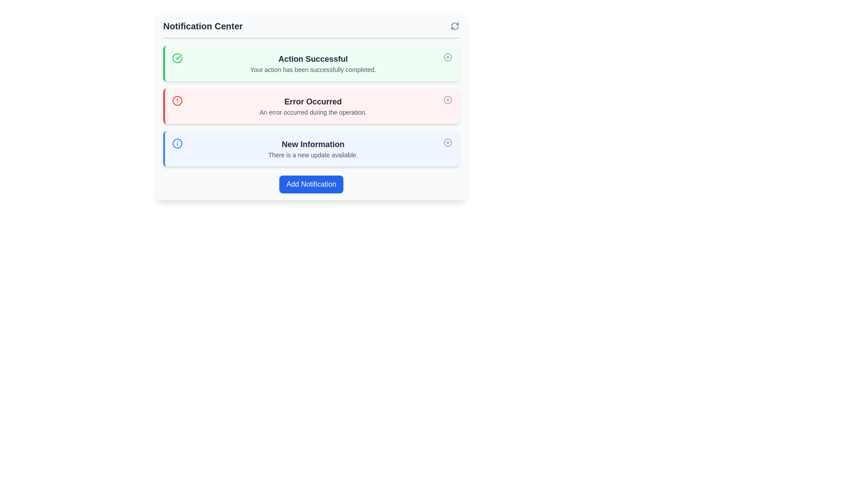 Image resolution: width=854 pixels, height=480 pixels. What do you see at coordinates (448, 56) in the screenshot?
I see `the circular SVG element located in the top-right corner of the 'Action Successful' notification card` at bounding box center [448, 56].